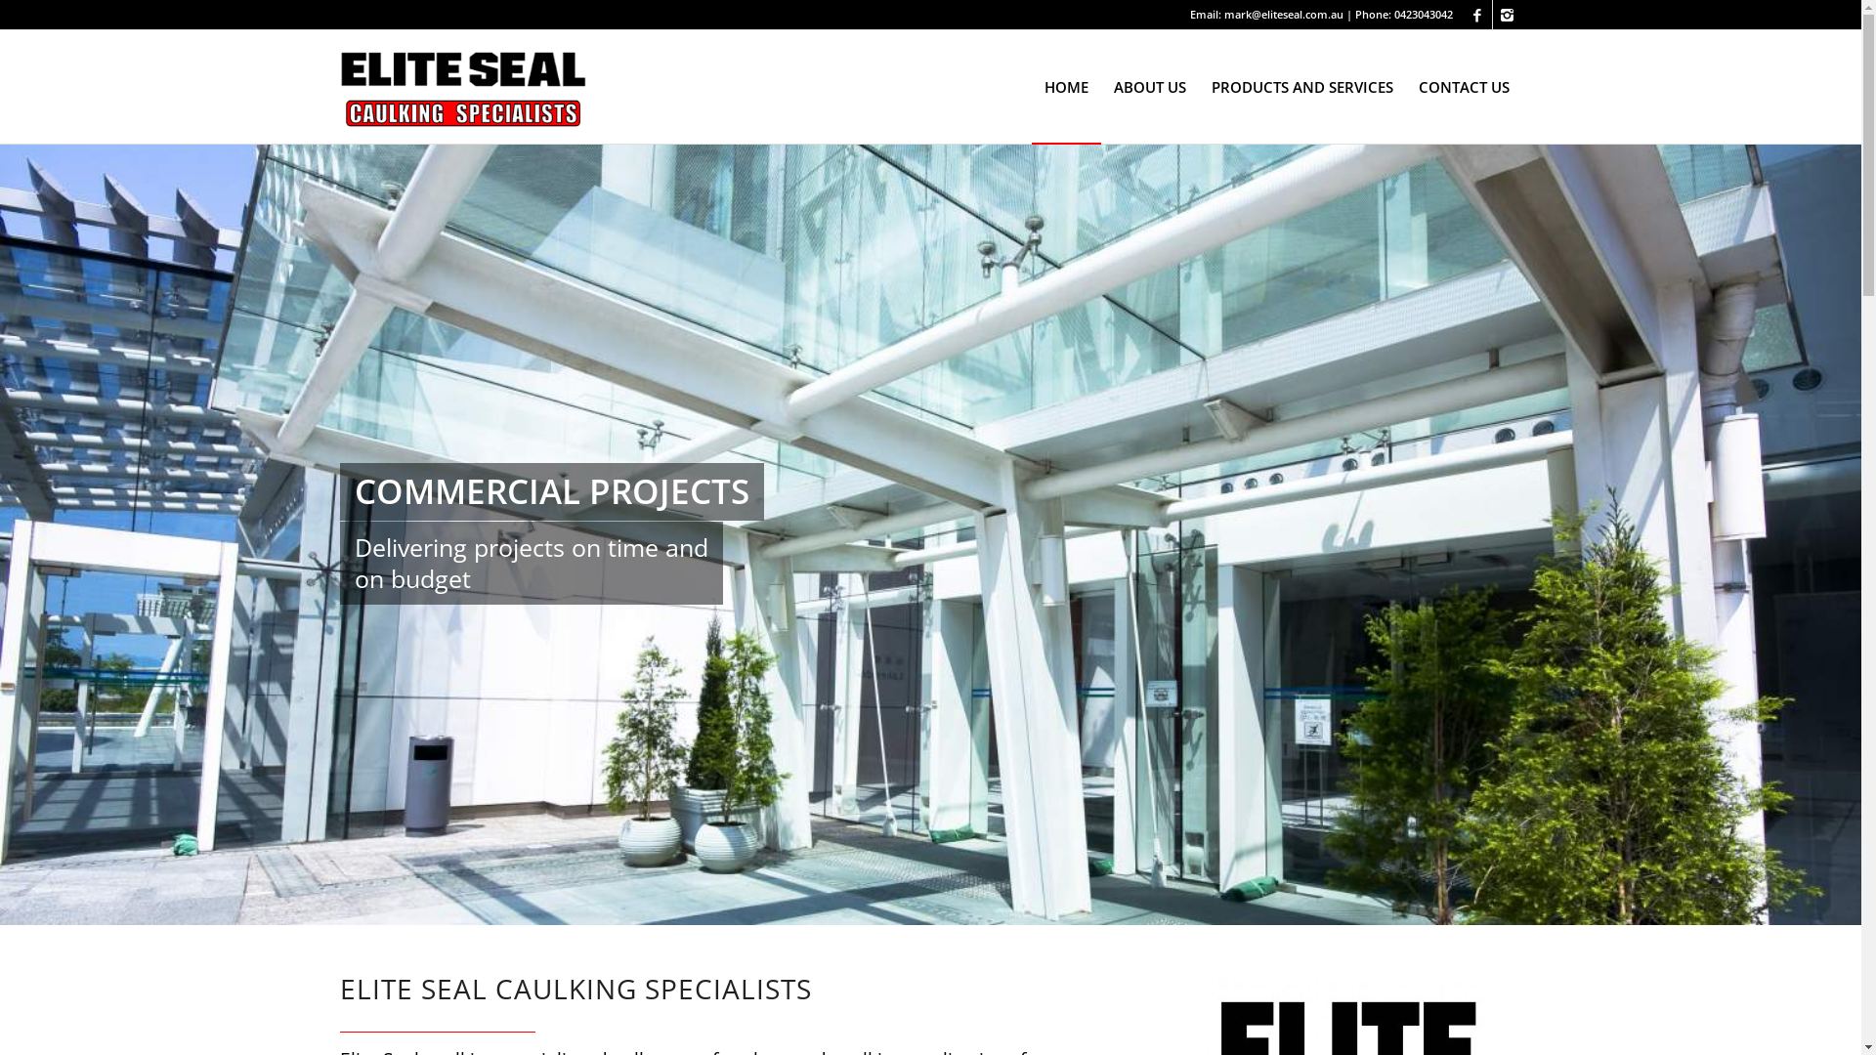  Describe the element at coordinates (1506, 15) in the screenshot. I see `'Instagram'` at that location.